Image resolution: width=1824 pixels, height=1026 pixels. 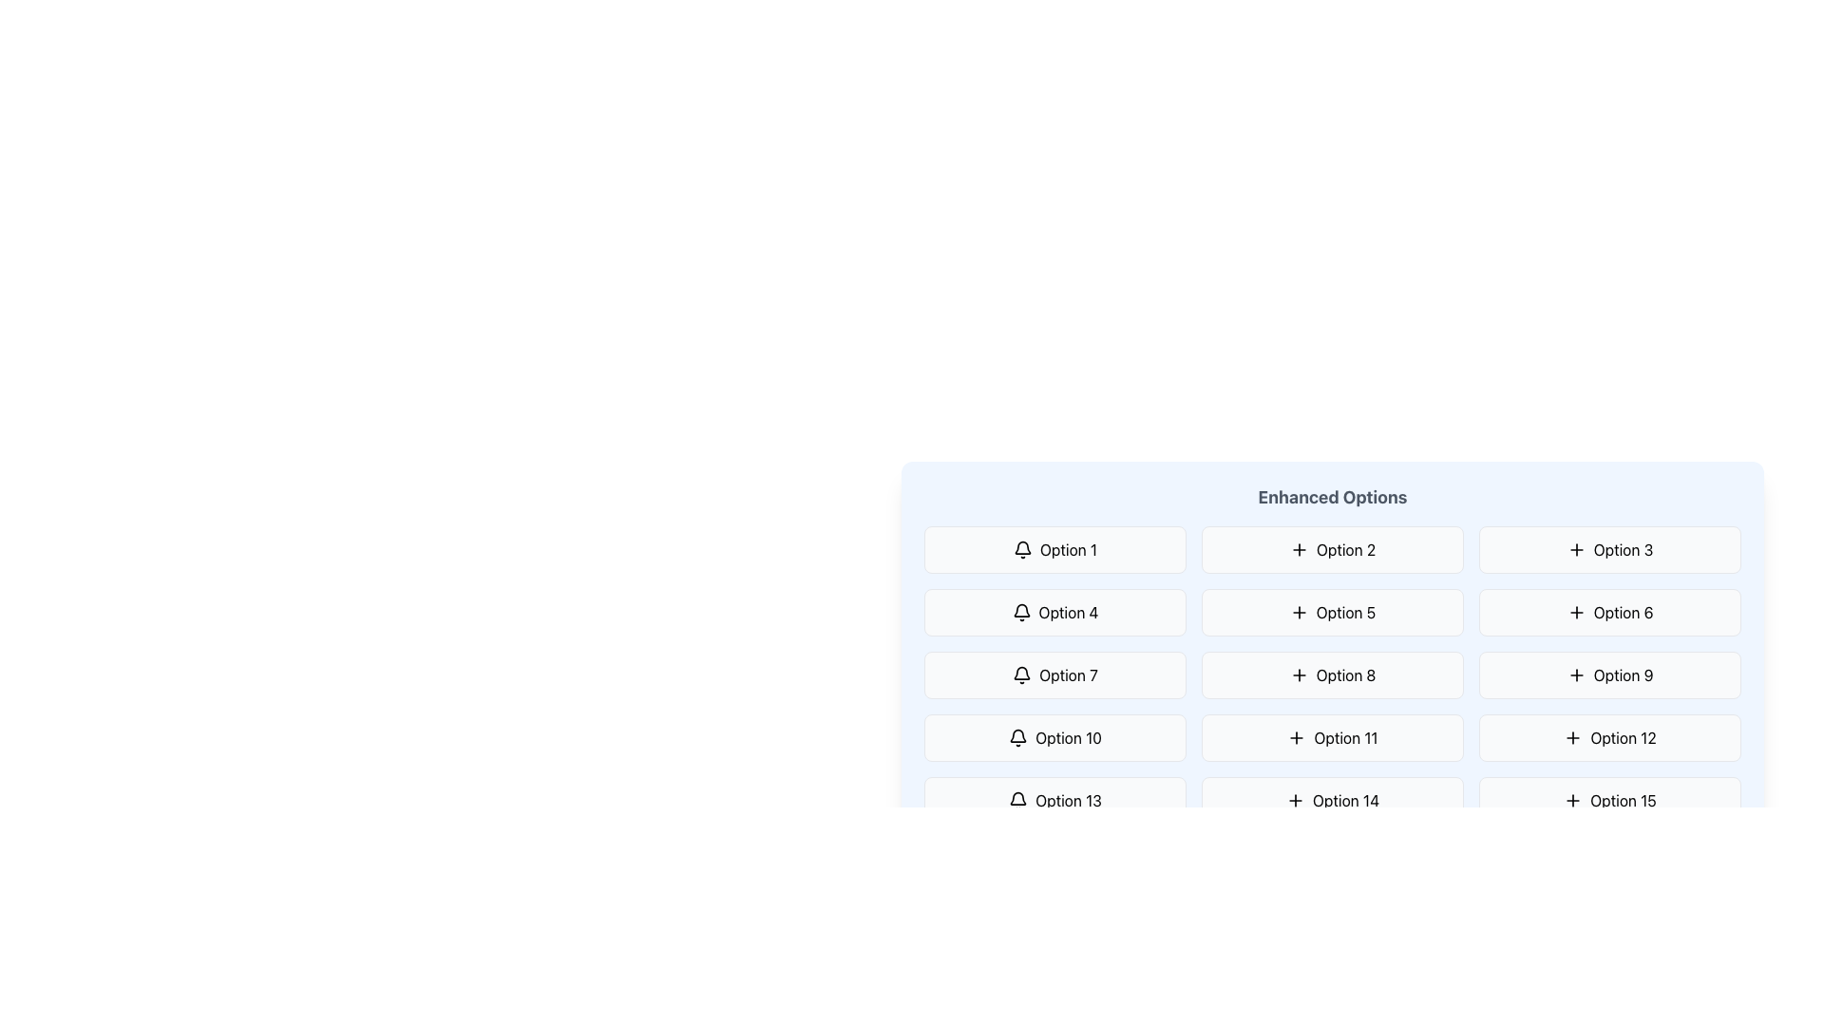 I want to click on the button labeled 'Option 3', so click(x=1608, y=549).